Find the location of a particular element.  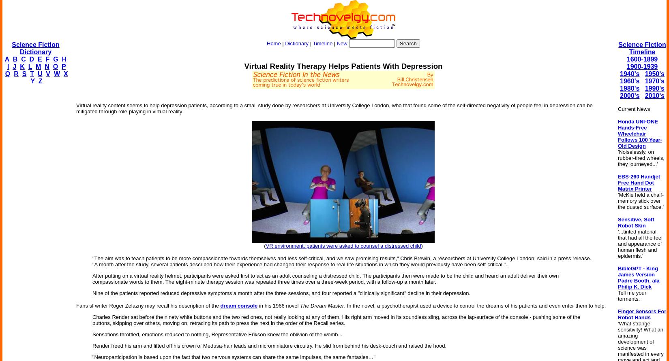

'A' is located at coordinates (6, 59).